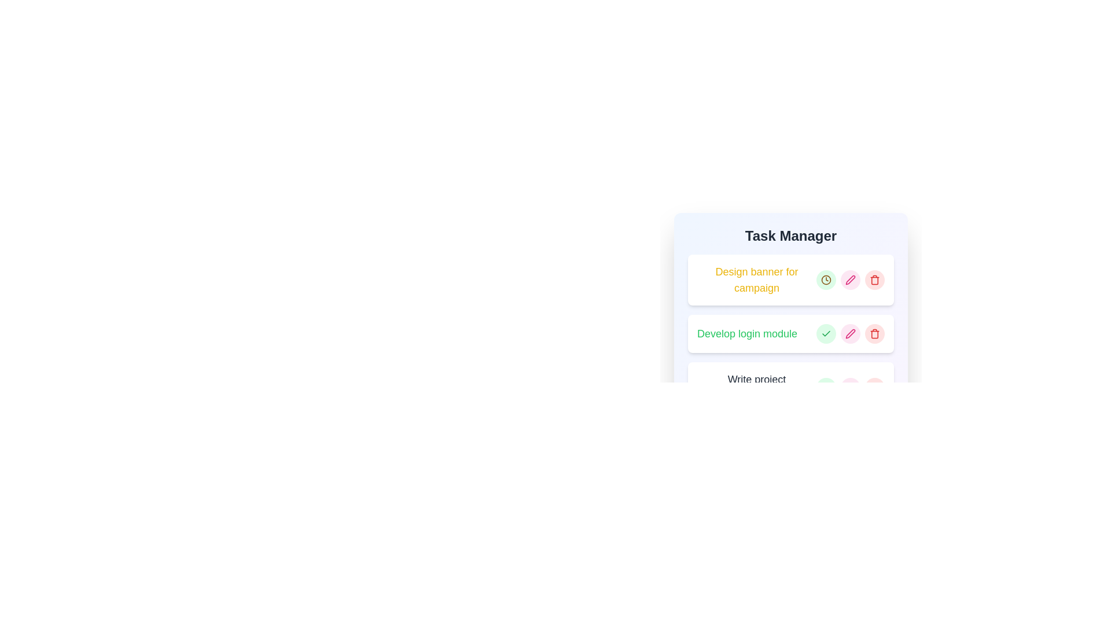 The width and height of the screenshot is (1111, 625). What do you see at coordinates (790, 388) in the screenshot?
I see `the third task item in the task manager interface` at bounding box center [790, 388].